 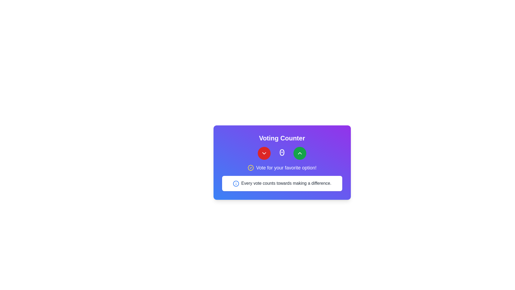 What do you see at coordinates (282, 183) in the screenshot?
I see `the informational text box displaying the message 'Every vote counts towards making a difference.'` at bounding box center [282, 183].